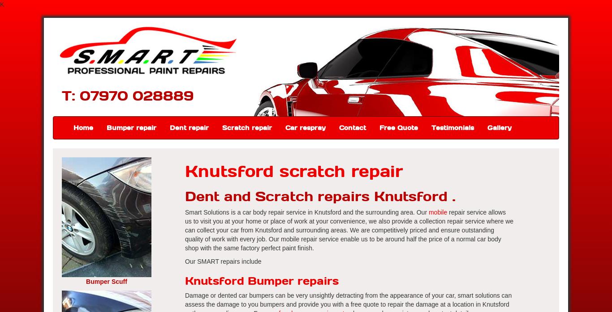  I want to click on 'Smart Solutions is a car body repair service in Knutsford and the surrounding area. Our', so click(184, 212).